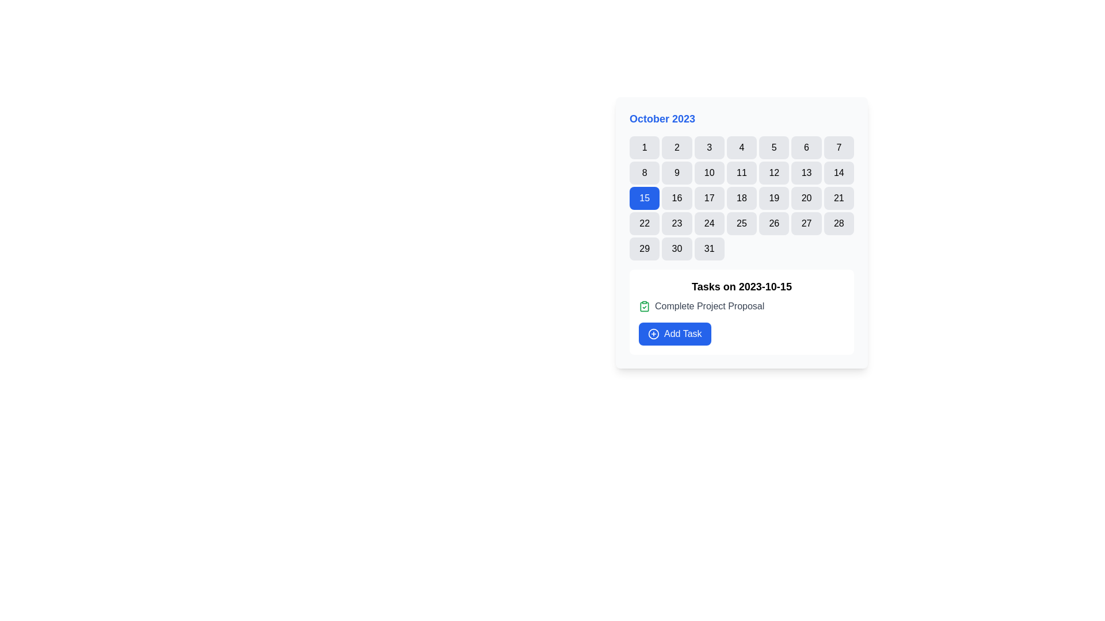 This screenshot has height=621, width=1105. Describe the element at coordinates (742, 197) in the screenshot. I see `on the Calendar day cell representing October 18th, 2023` at that location.